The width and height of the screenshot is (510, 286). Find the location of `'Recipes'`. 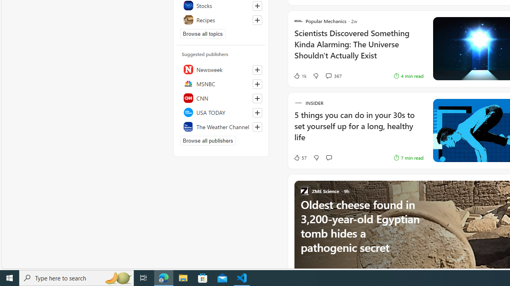

'Recipes' is located at coordinates (221, 19).